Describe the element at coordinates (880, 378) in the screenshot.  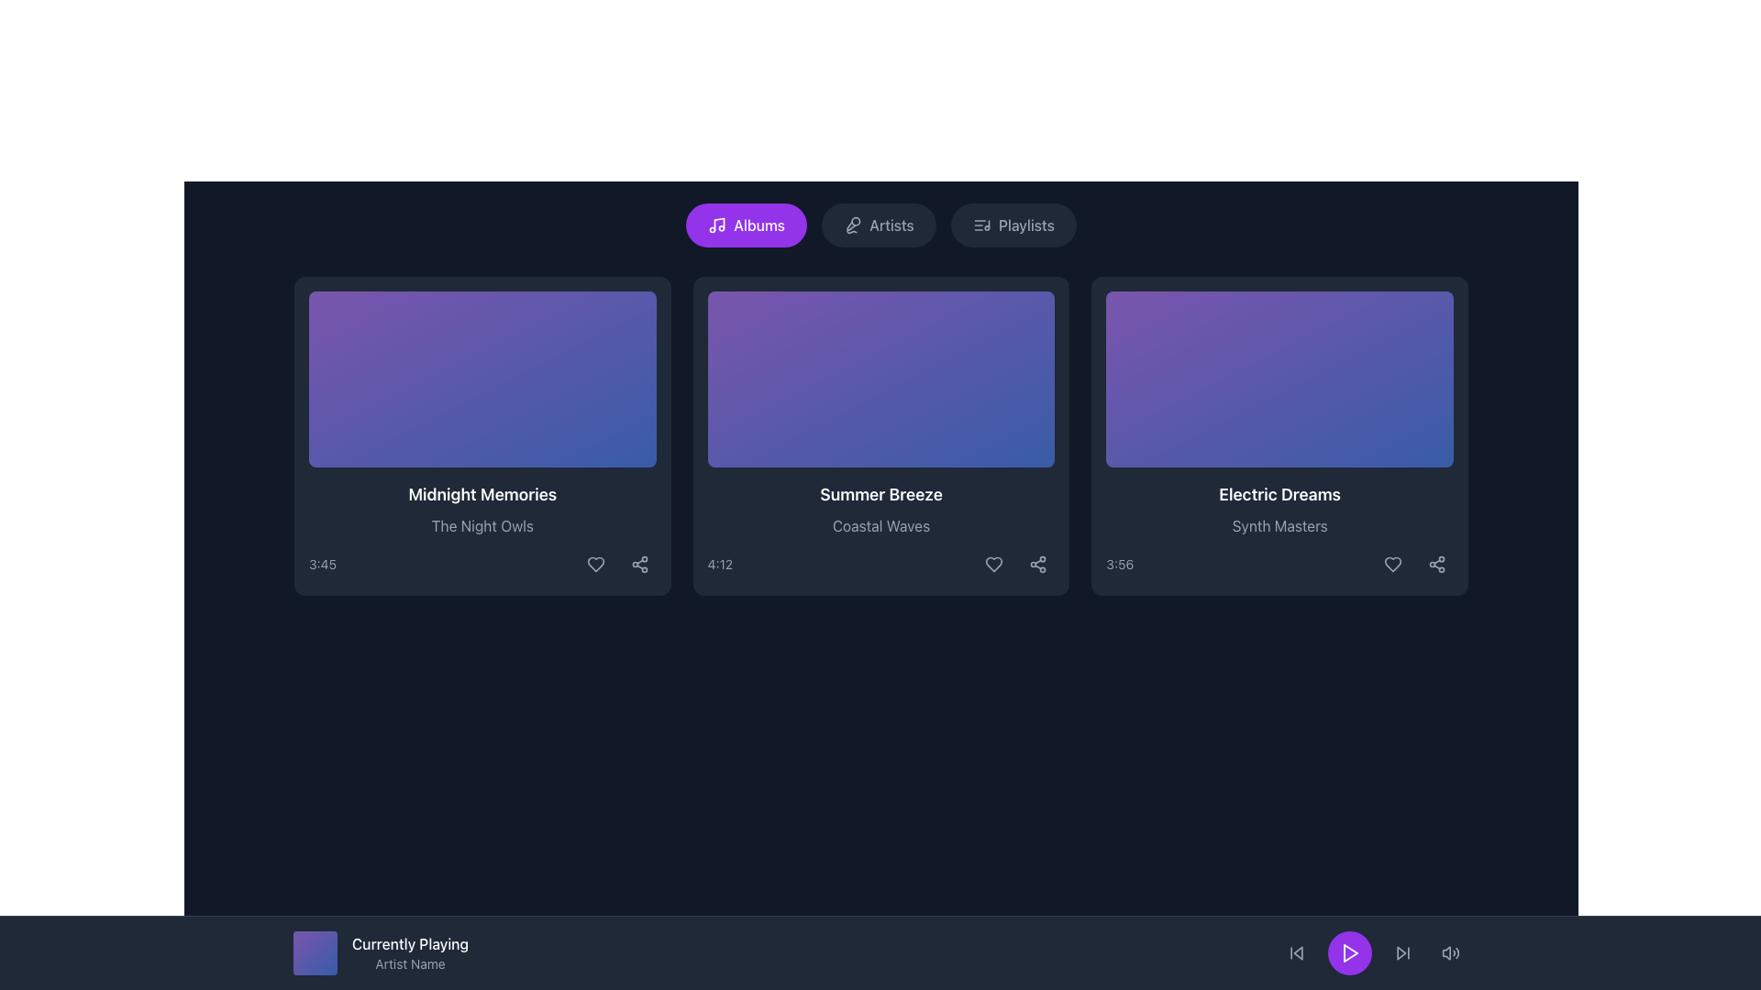
I see `the visual thumbnail for the 'Summer Breeze' album, which is the top component within the card titled 'Summer Breeze' with the subtitle 'Coastal Waves'` at that location.